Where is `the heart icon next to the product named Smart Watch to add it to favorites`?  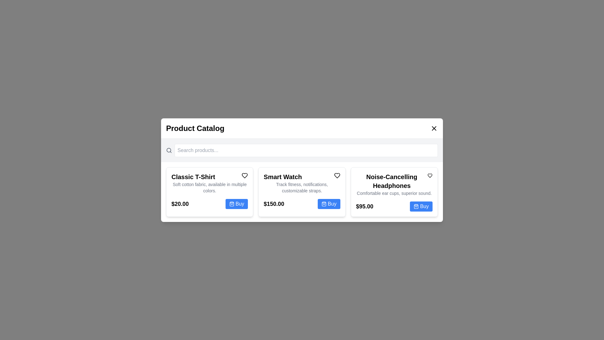 the heart icon next to the product named Smart Watch to add it to favorites is located at coordinates (337, 175).